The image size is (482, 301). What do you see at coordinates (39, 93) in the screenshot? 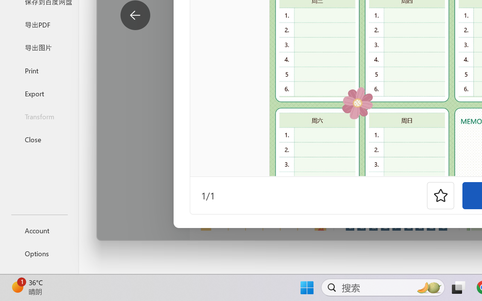
I see `'Export'` at bounding box center [39, 93].